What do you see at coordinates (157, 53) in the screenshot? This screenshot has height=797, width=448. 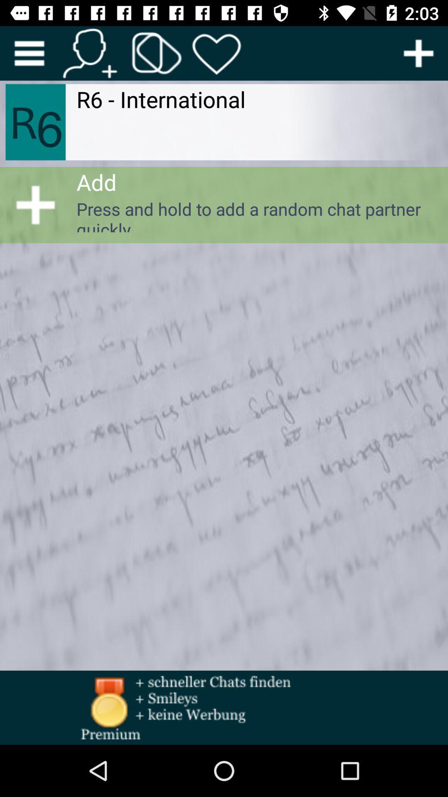 I see `apps` at bounding box center [157, 53].